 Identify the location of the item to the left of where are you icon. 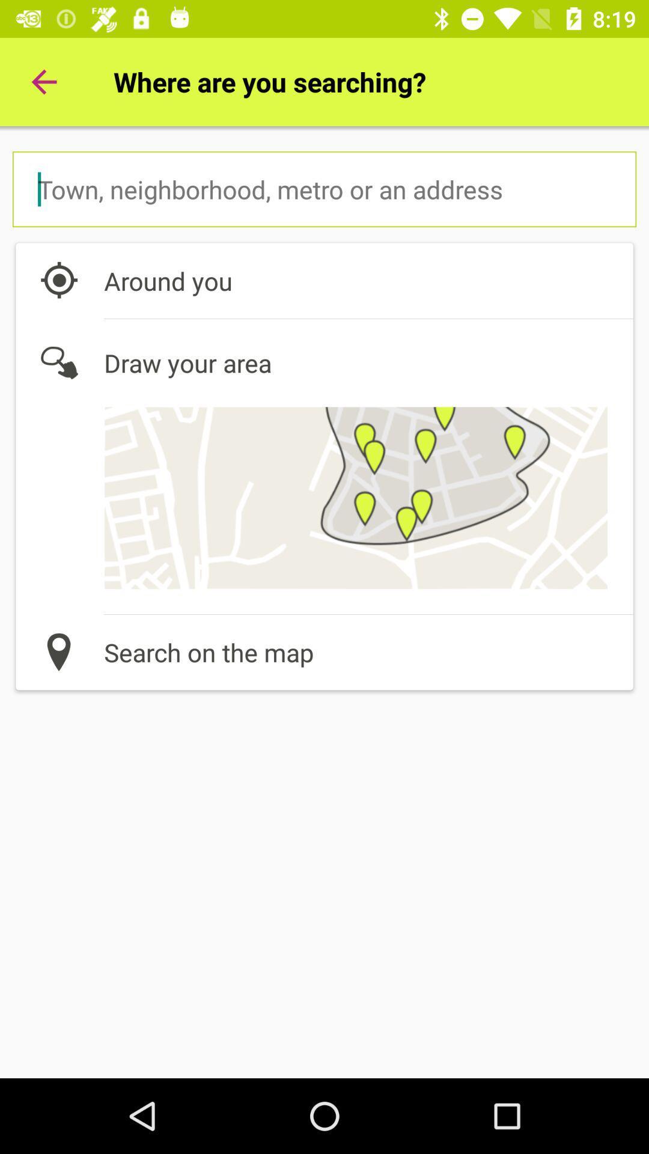
(43, 81).